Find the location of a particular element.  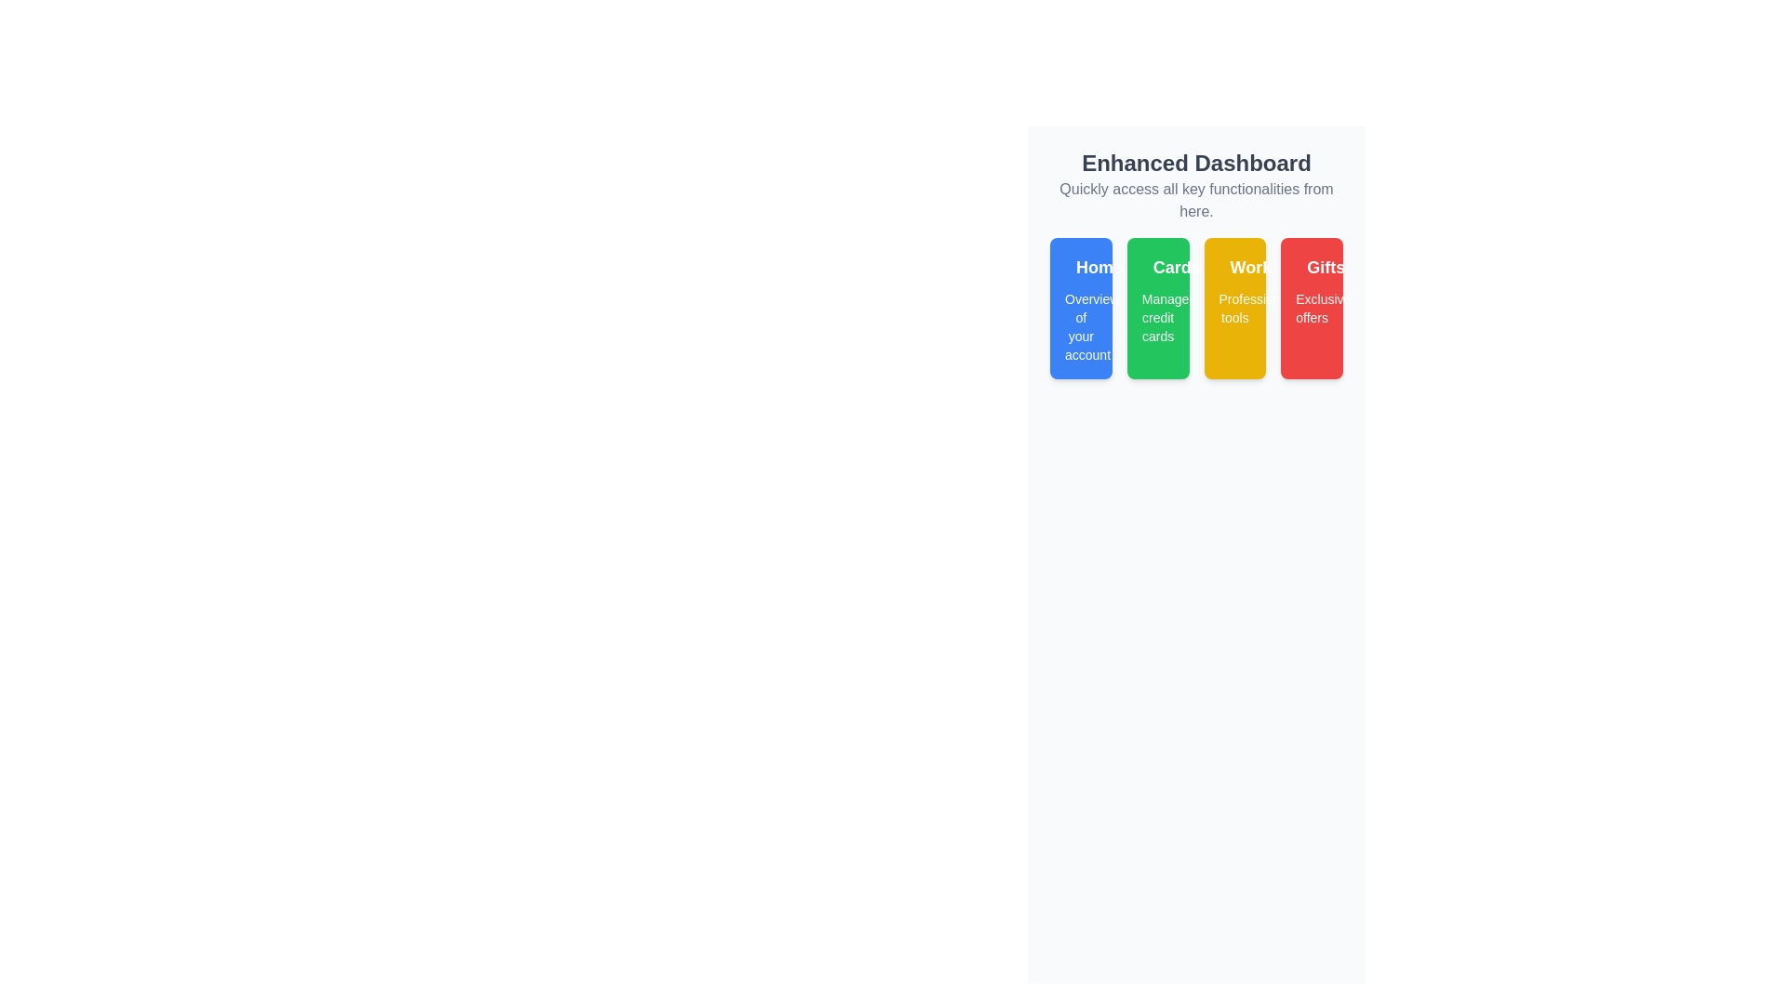

the horizontal card layout containing a house icon and bold text 'Home', which is the first card in the series under the 'Enhanced Dashboard' header is located at coordinates (1081, 268).